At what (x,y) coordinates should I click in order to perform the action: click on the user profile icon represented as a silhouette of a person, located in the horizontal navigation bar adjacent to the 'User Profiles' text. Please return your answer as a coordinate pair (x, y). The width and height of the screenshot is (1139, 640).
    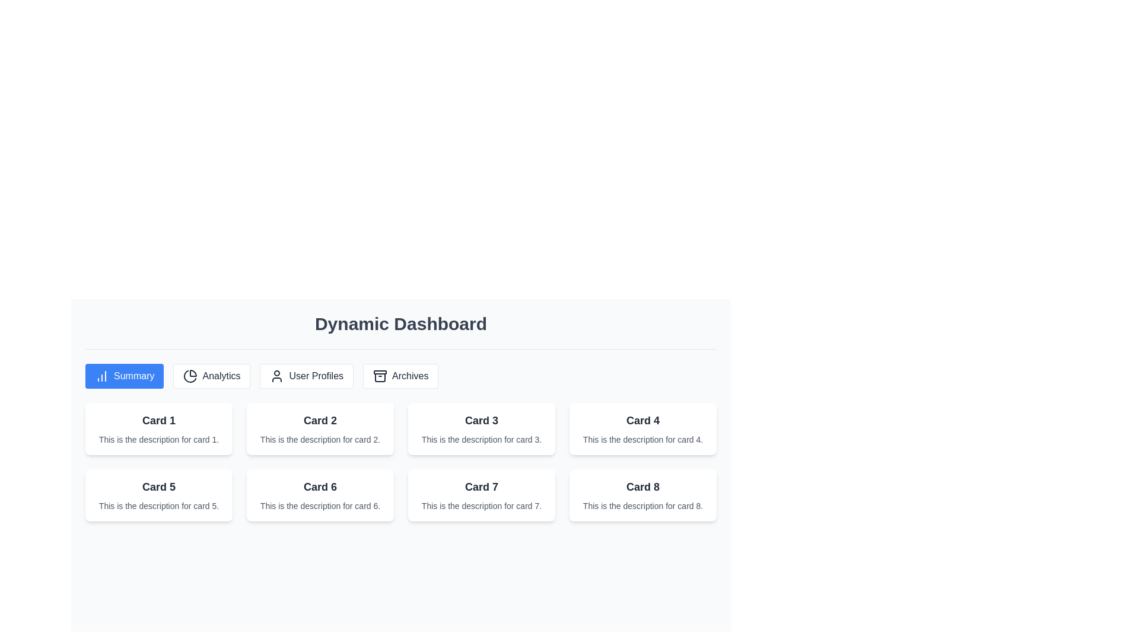
    Looking at the image, I should click on (276, 376).